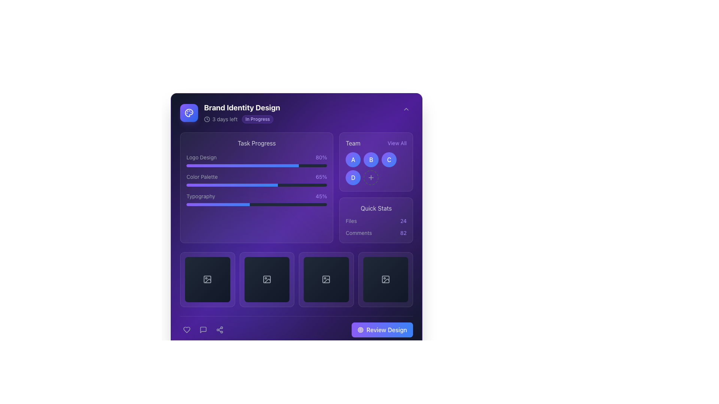  Describe the element at coordinates (203, 329) in the screenshot. I see `the chat bubble icon located in the bottom bar, which is the middle icon among three elements` at that location.